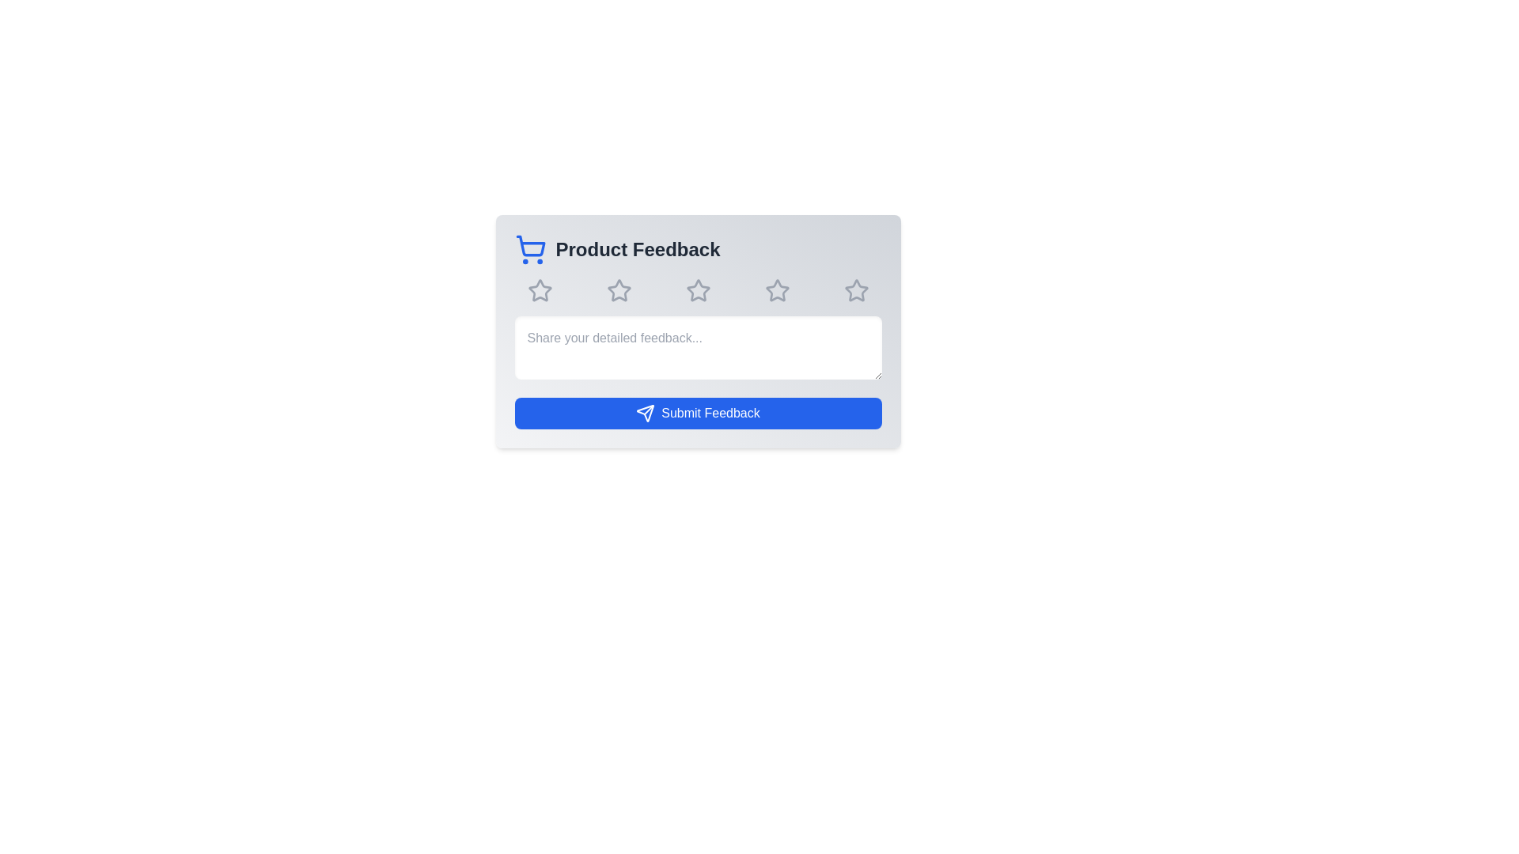 The width and height of the screenshot is (1519, 854). I want to click on the 'Product Feedback' text label, which is styled in gray and bold, located next to a blue shopping cart icon in the feedback module at the top of the interface, so click(638, 249).